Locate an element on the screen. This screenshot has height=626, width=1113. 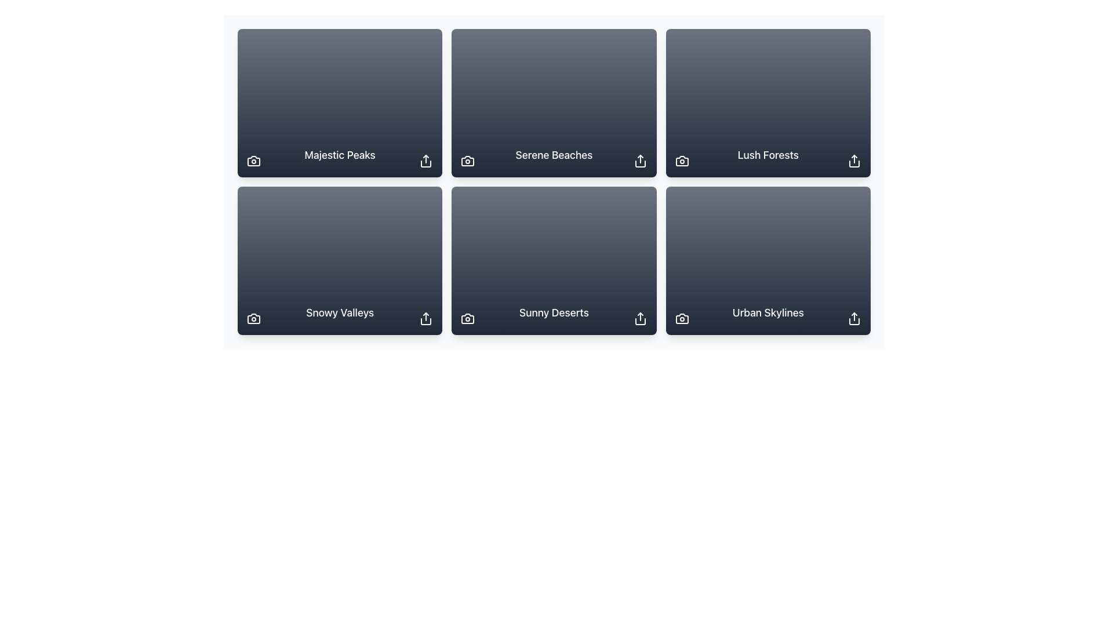
the action trigger icon located at the bottom-left corner of the 'Urban Skylines' card is located at coordinates (682, 319).